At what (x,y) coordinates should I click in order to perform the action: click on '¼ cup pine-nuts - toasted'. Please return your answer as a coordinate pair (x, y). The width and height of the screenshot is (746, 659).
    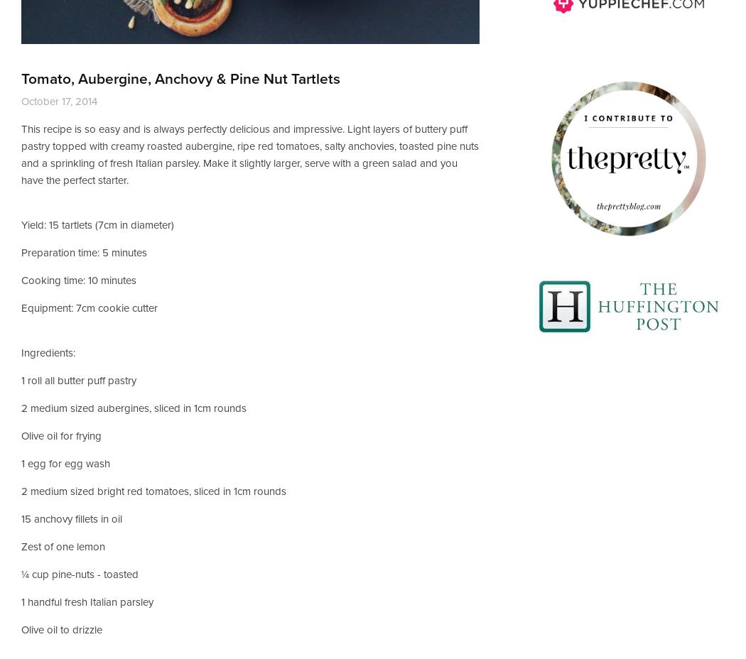
    Looking at the image, I should click on (80, 573).